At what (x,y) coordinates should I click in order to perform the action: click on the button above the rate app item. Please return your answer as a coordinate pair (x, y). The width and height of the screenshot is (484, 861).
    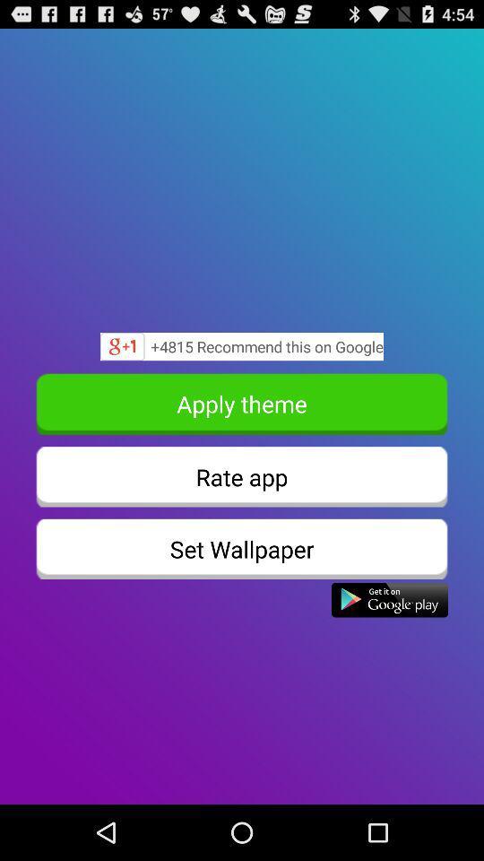
    Looking at the image, I should click on (242, 404).